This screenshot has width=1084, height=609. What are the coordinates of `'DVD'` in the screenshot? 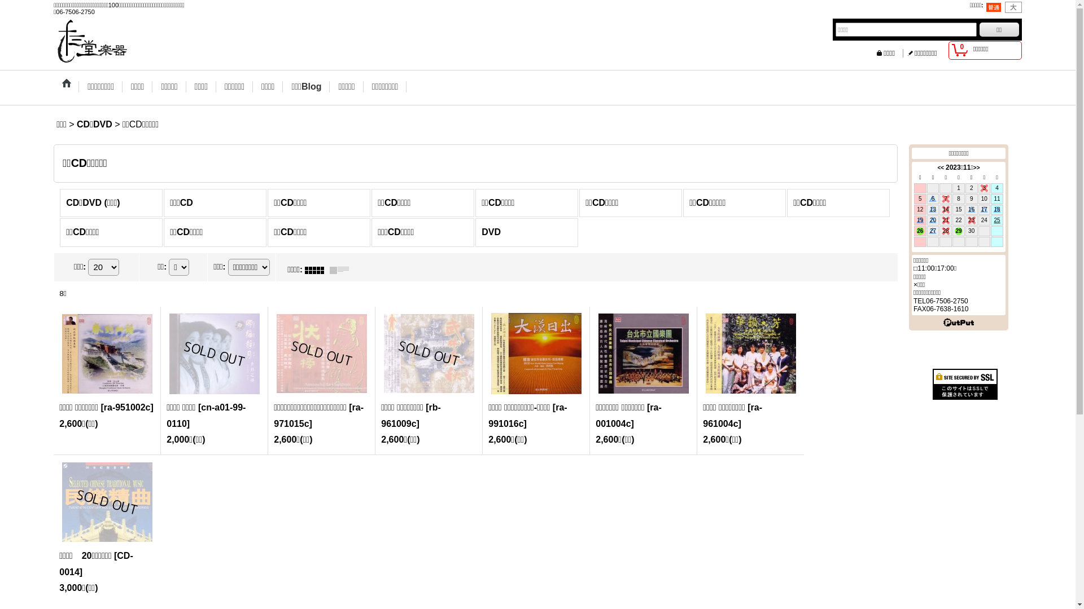 It's located at (475, 232).